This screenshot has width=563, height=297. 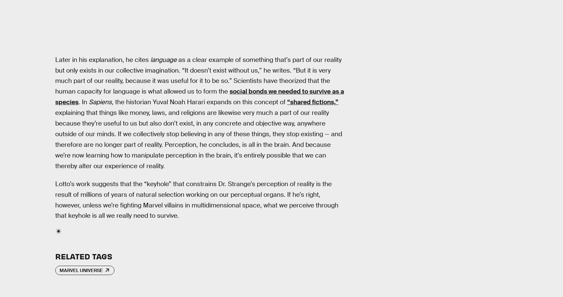 I want to click on 'Later in his explanation, he cites', so click(x=102, y=59).